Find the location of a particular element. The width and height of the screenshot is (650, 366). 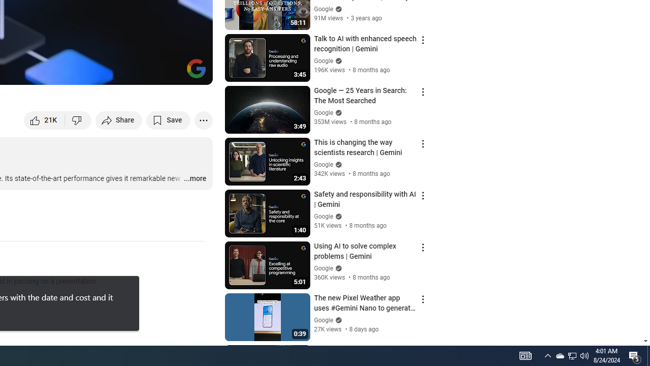

'Channel watermark' is located at coordinates (196, 69).